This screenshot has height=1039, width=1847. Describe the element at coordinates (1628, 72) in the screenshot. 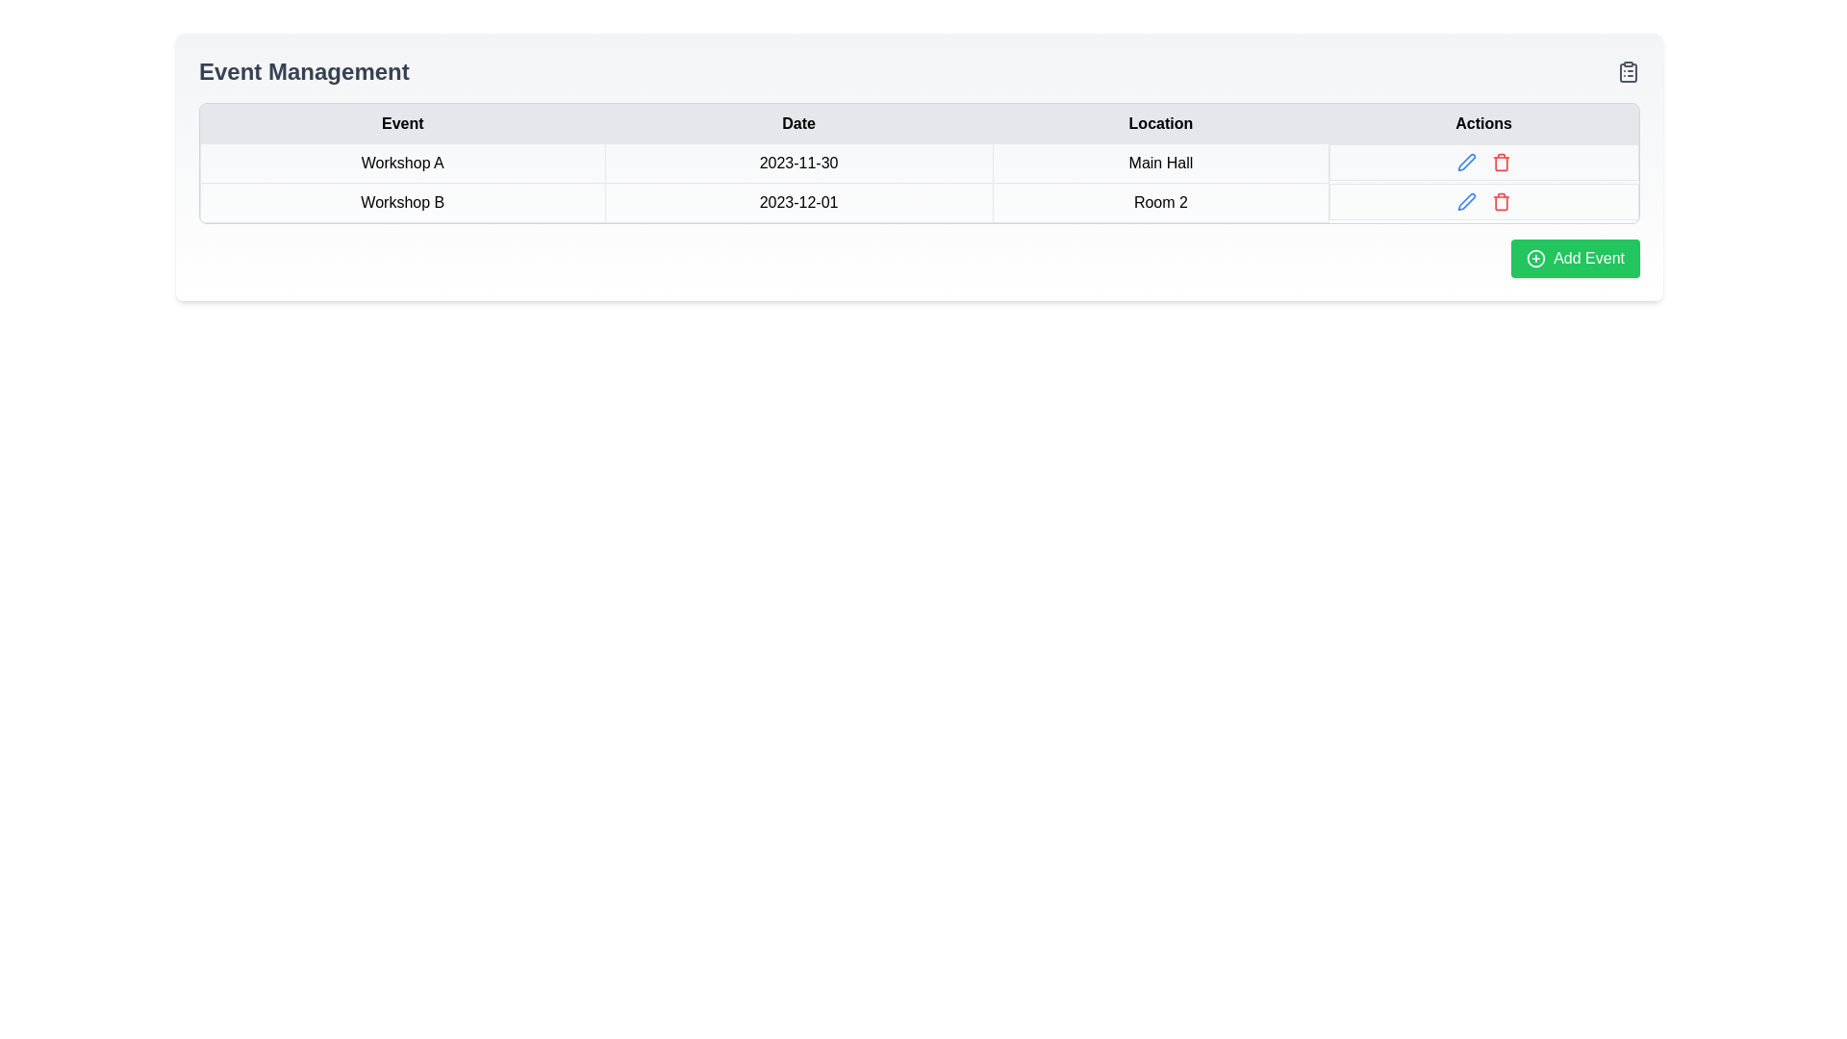

I see `the clipboard icon located in the top-right corner of the interface, near the 'Event Management' section header` at that location.